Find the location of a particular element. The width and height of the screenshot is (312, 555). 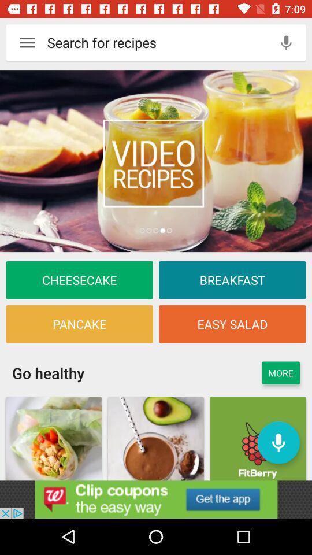

the microphone icon is located at coordinates (278, 442).